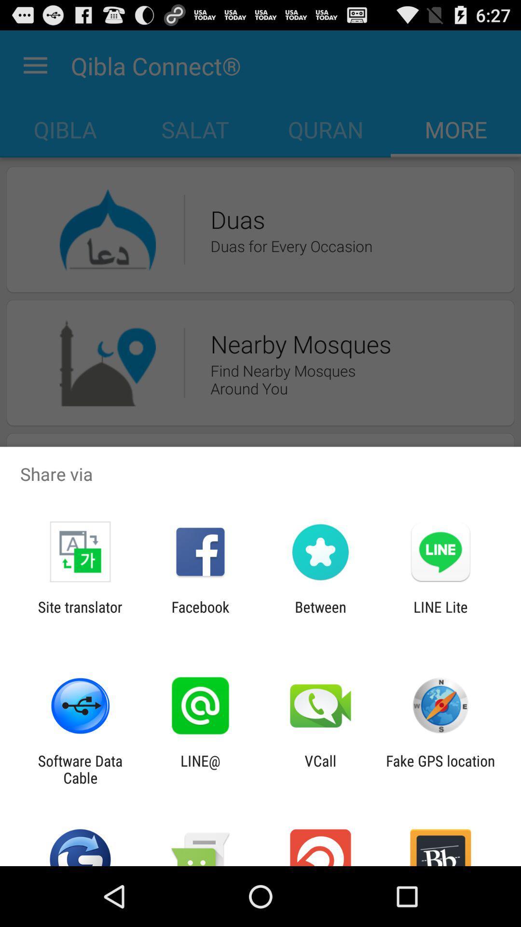  What do you see at coordinates (80, 615) in the screenshot?
I see `app to the left of facebook` at bounding box center [80, 615].